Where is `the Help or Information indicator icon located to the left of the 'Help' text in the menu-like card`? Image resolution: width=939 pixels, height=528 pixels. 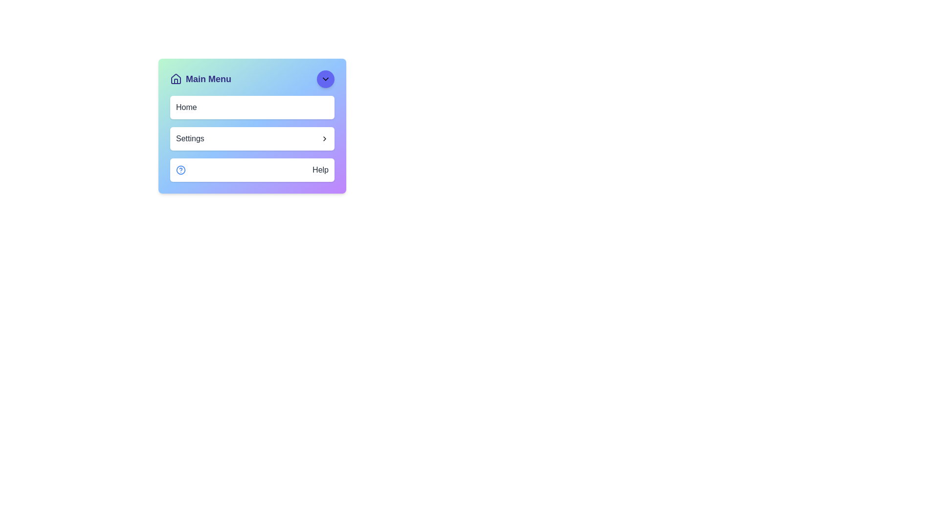 the Help or Information indicator icon located to the left of the 'Help' text in the menu-like card is located at coordinates (180, 169).